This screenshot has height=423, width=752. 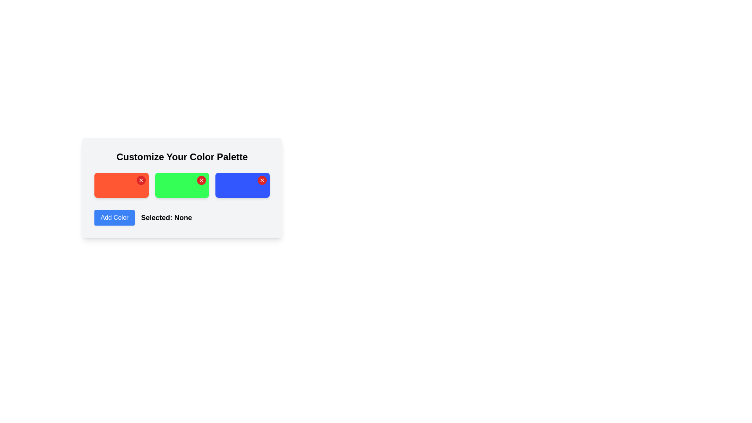 What do you see at coordinates (121, 186) in the screenshot?
I see `the first selectable color item with a red background and delete button, which has a circular button with a white cross at the top-right corner` at bounding box center [121, 186].